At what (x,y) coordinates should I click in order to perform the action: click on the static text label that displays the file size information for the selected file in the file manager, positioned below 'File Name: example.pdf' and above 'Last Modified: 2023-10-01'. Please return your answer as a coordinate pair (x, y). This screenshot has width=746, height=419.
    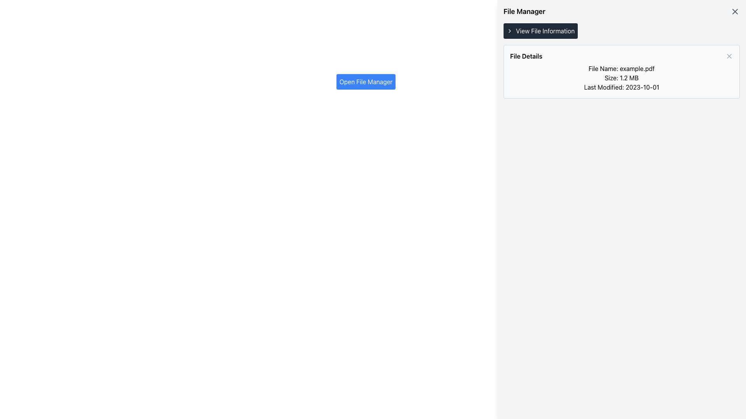
    Looking at the image, I should click on (621, 78).